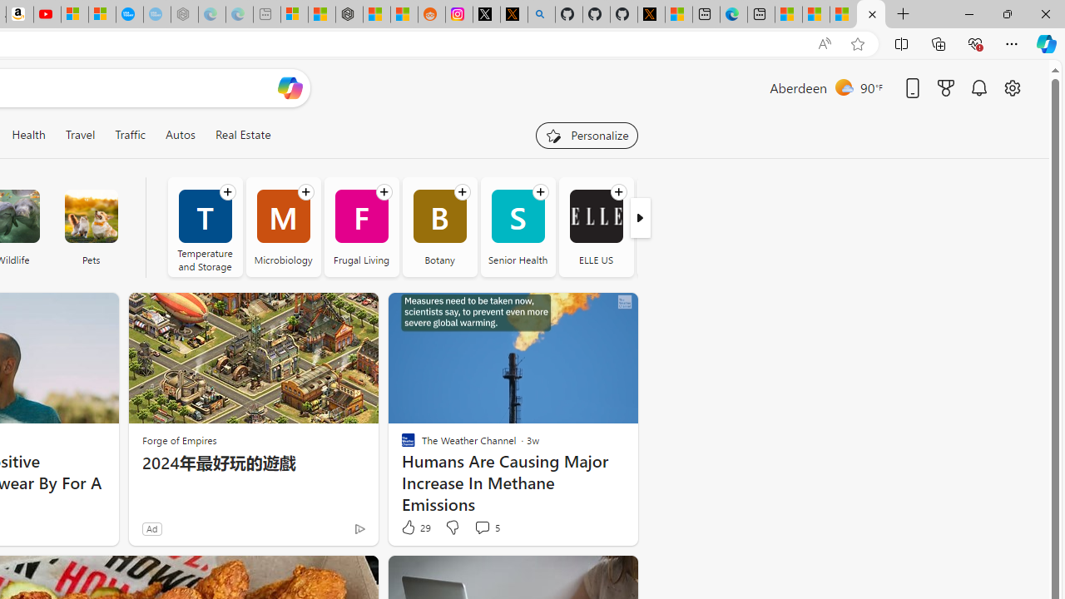  I want to click on 'Follow channel', so click(617, 191).